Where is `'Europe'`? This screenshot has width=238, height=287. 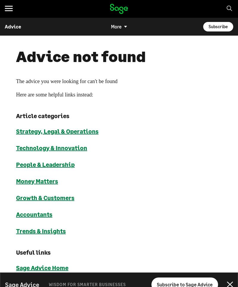 'Europe' is located at coordinates (44, 114).